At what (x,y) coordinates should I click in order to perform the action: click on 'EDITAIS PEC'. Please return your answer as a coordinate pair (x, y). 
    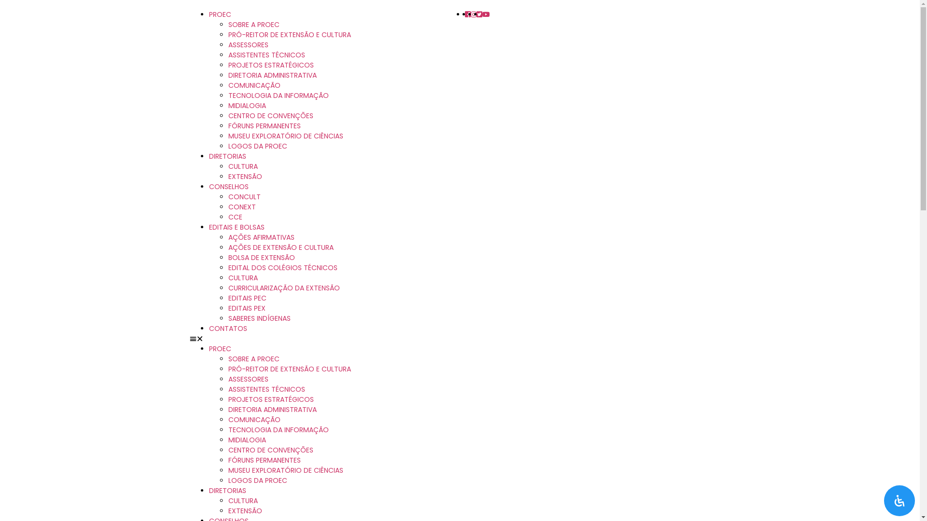
    Looking at the image, I should click on (247, 297).